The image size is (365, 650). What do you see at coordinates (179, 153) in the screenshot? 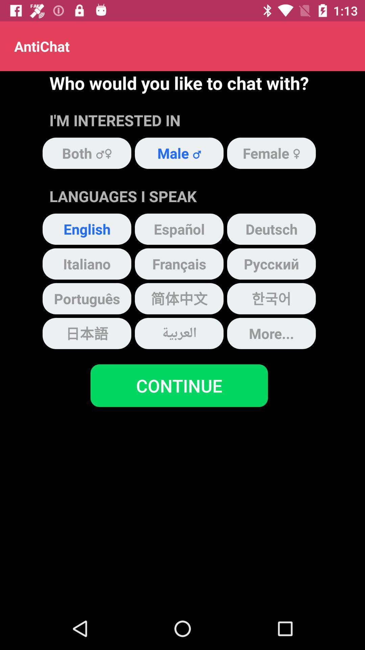
I see `item below i m interested item` at bounding box center [179, 153].